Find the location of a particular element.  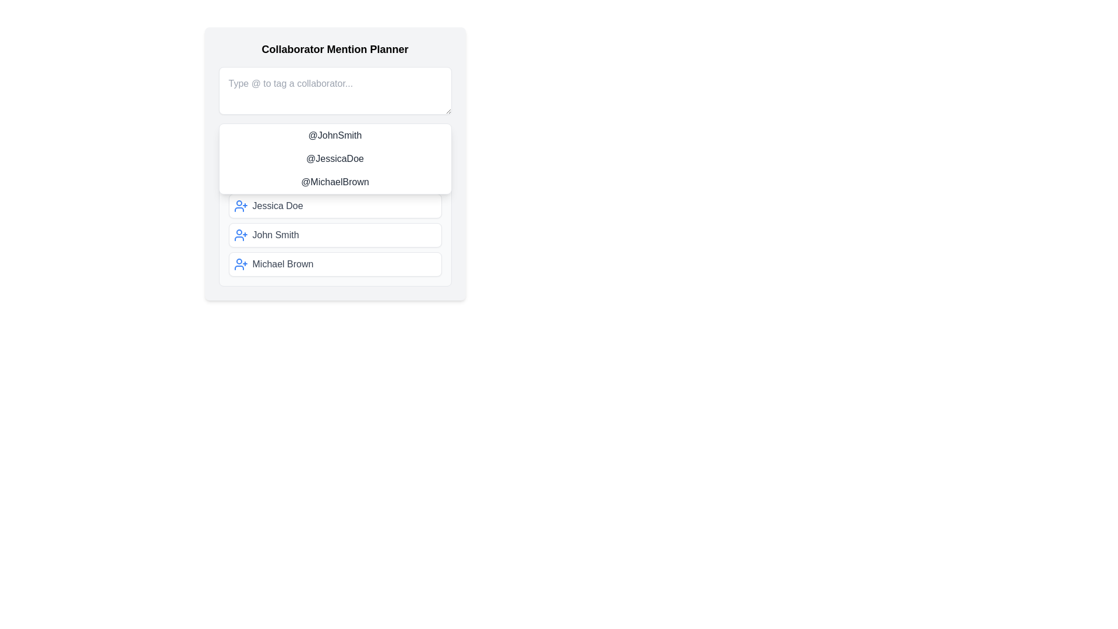

the first clickable list item is located at coordinates (334, 206).